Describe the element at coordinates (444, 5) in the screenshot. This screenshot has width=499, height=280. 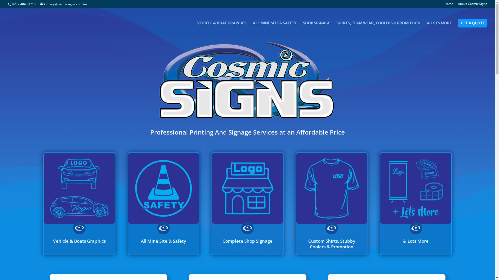
I see `'Home'` at that location.